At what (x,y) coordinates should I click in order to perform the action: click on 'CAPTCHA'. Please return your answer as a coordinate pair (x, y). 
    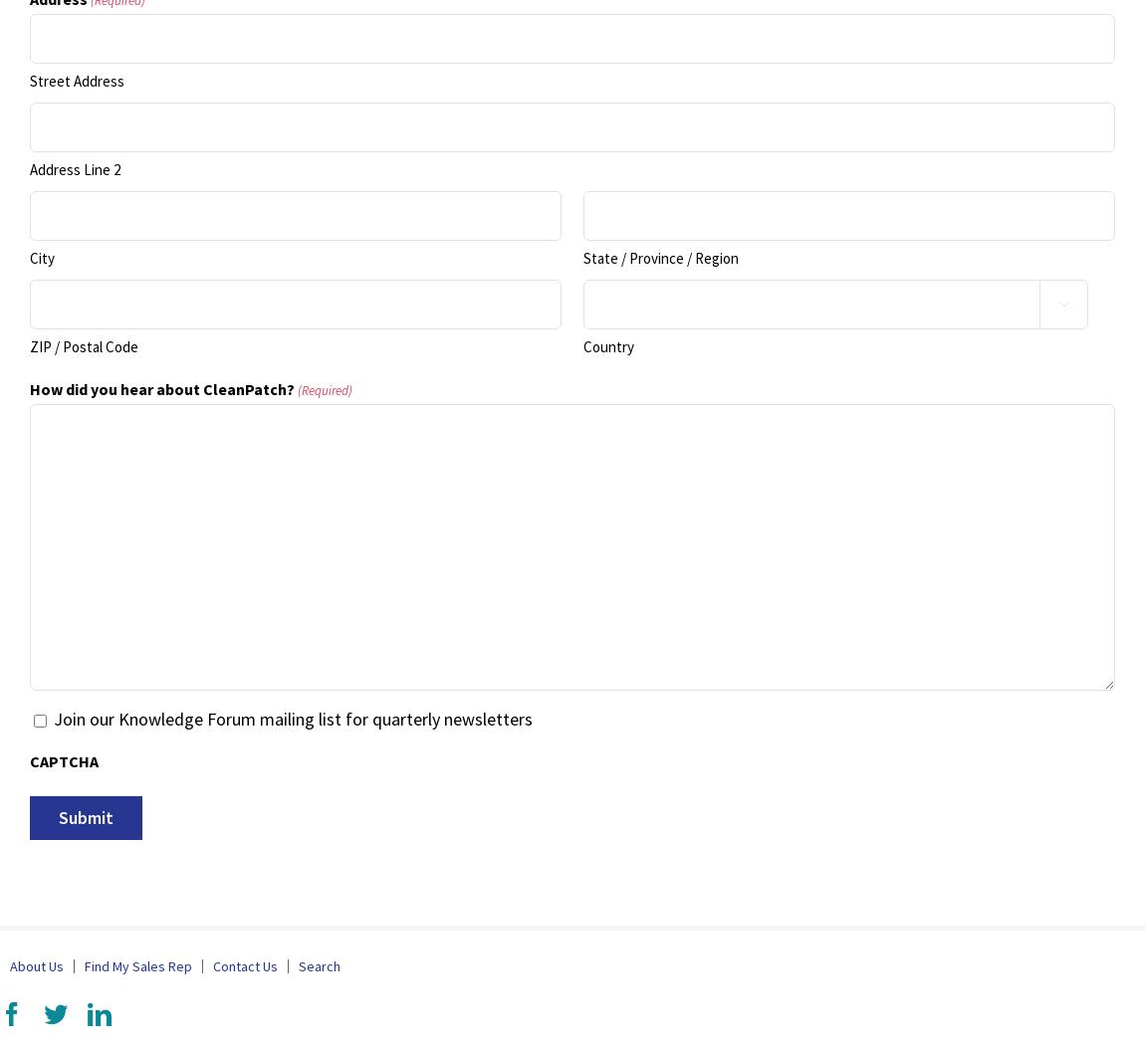
    Looking at the image, I should click on (62, 761).